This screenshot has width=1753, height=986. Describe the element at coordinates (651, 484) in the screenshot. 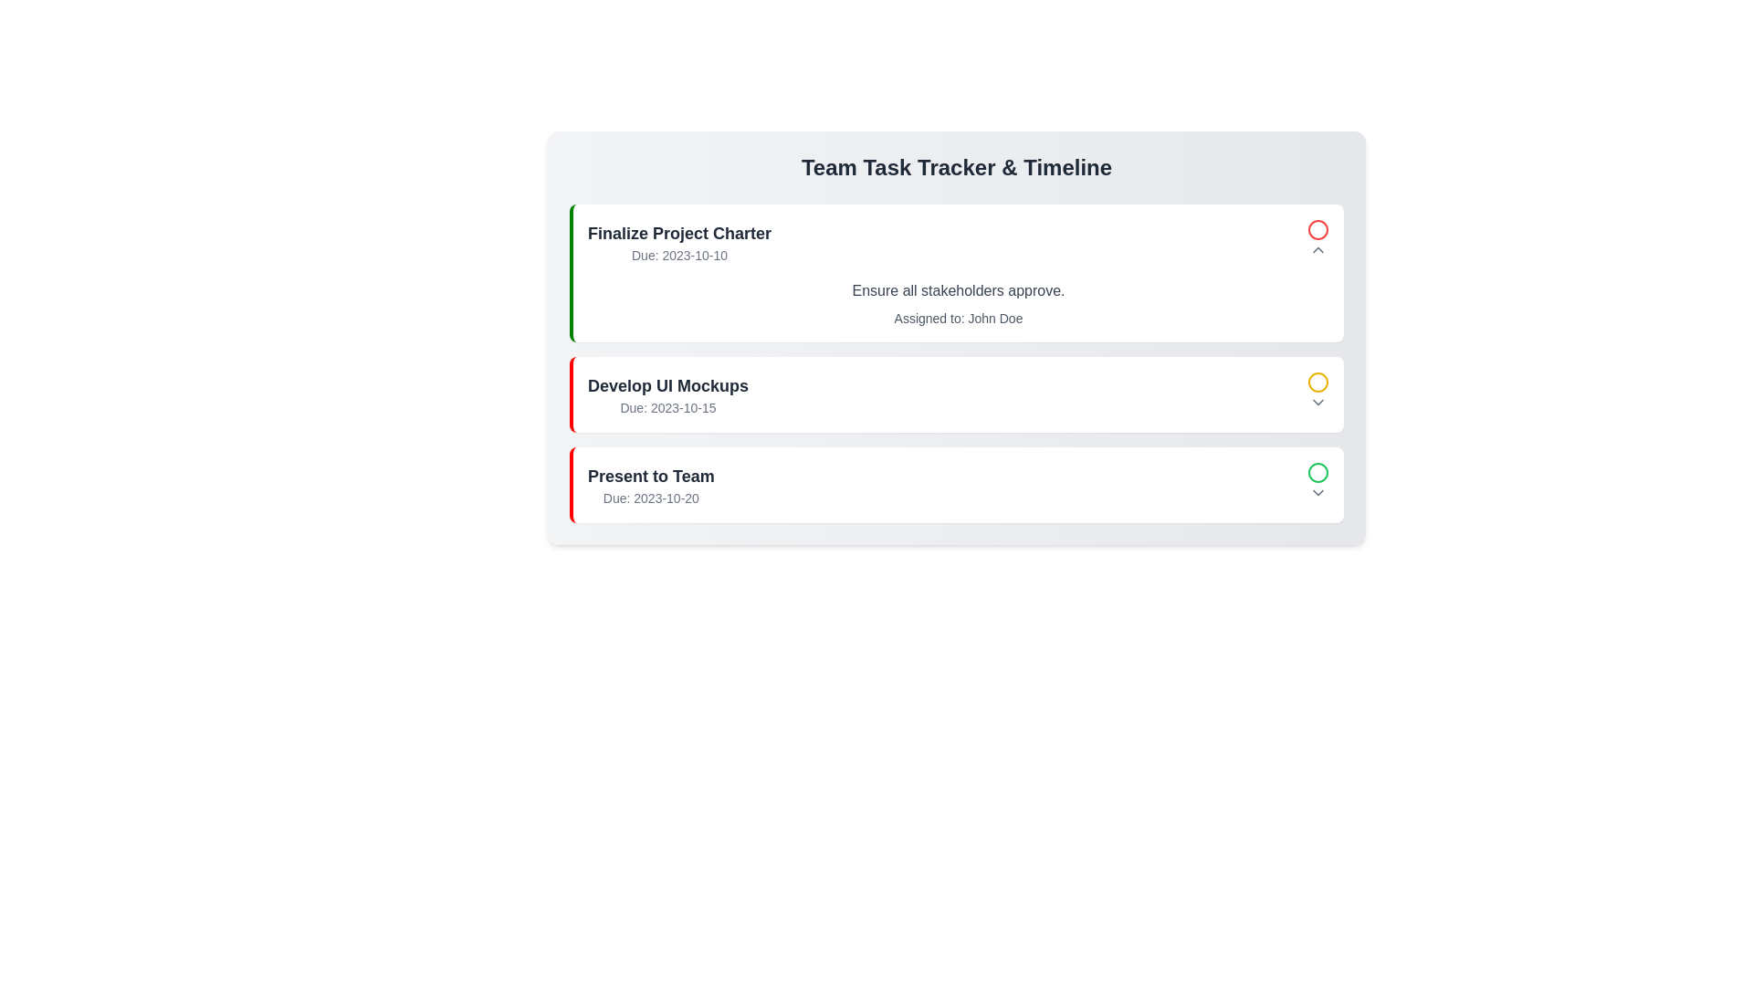

I see `the Text Display that shows 'Present to Team' and 'Due: 2023-10-20', located in the third section of the task list` at that location.